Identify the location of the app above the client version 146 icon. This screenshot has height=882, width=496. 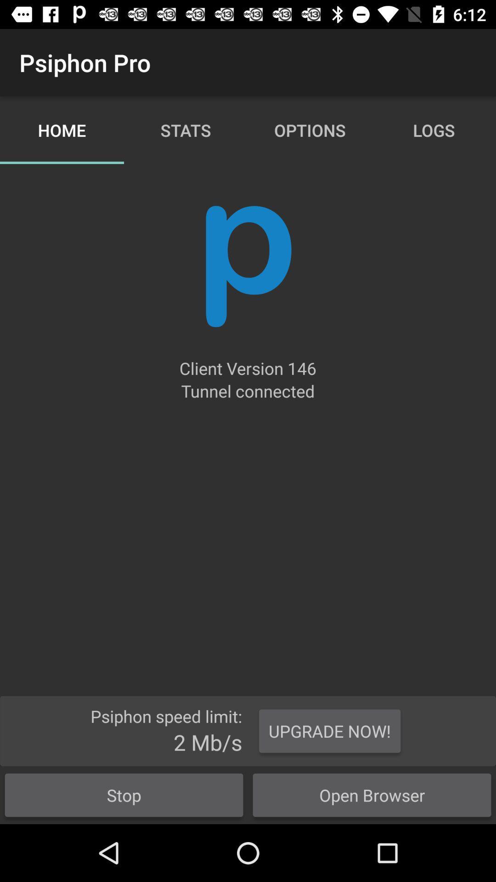
(248, 266).